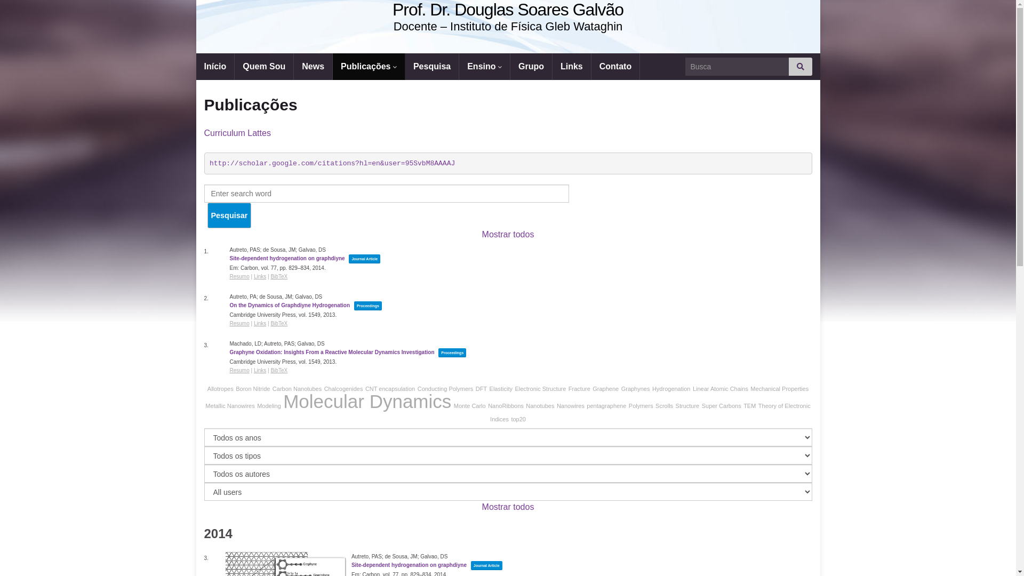  Describe the element at coordinates (670, 389) in the screenshot. I see `'Hydrogenation'` at that location.